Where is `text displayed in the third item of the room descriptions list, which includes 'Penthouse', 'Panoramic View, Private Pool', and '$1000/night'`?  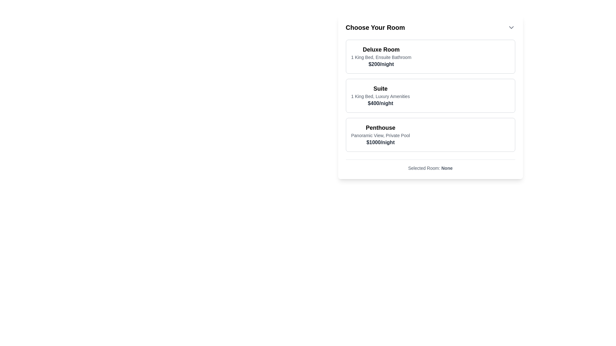 text displayed in the third item of the room descriptions list, which includes 'Penthouse', 'Panoramic View, Private Pool', and '$1000/night' is located at coordinates (381, 134).